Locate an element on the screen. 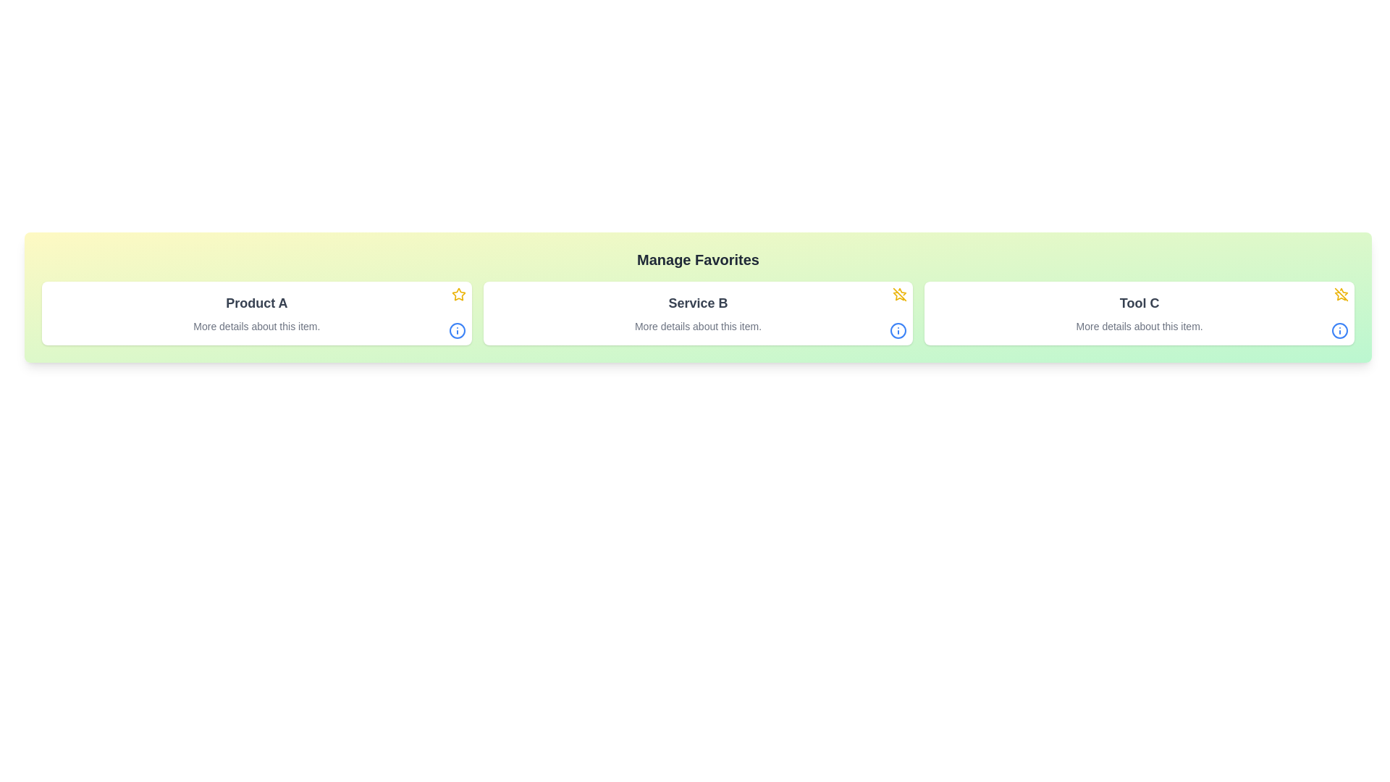  the card labeled Product A to see its hover effects is located at coordinates (256, 312).